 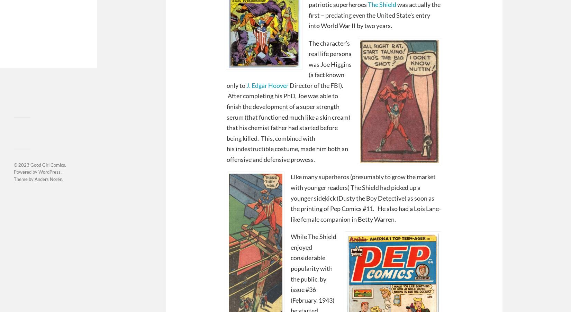 What do you see at coordinates (226, 122) in the screenshot?
I see `'Director of the FBI).  After completing his PhD, Joe was able to finish the development of a super strength serum (that functioned much like a skin cream) that his chemist father had started before being killed.  This, combined with his indestructible costume, made him both an offensive and defensive prowess.'` at bounding box center [226, 122].